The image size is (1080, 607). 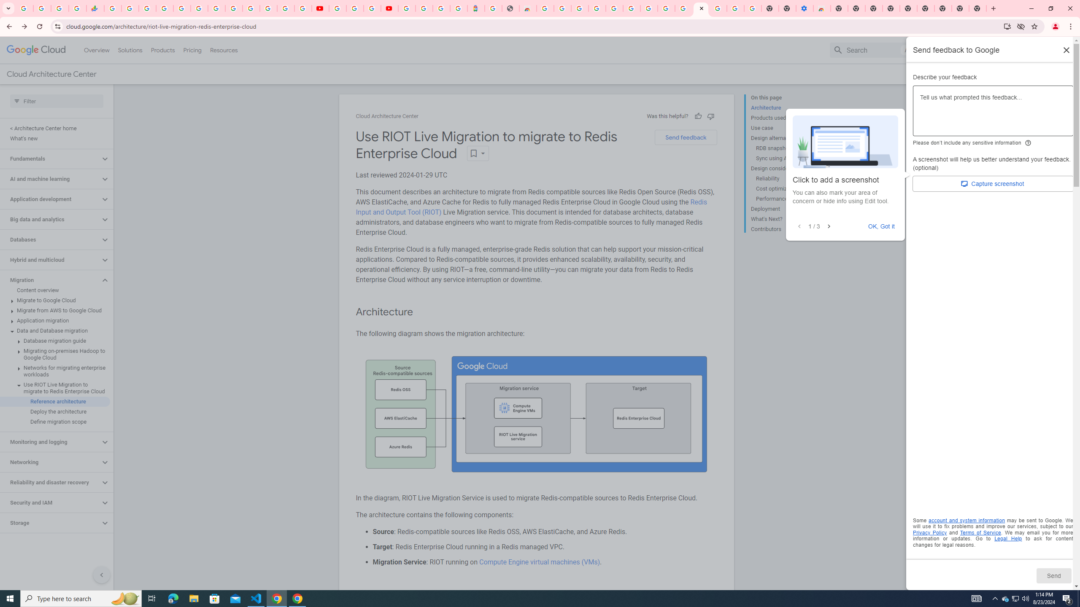 I want to click on 'What', so click(x=785, y=218).